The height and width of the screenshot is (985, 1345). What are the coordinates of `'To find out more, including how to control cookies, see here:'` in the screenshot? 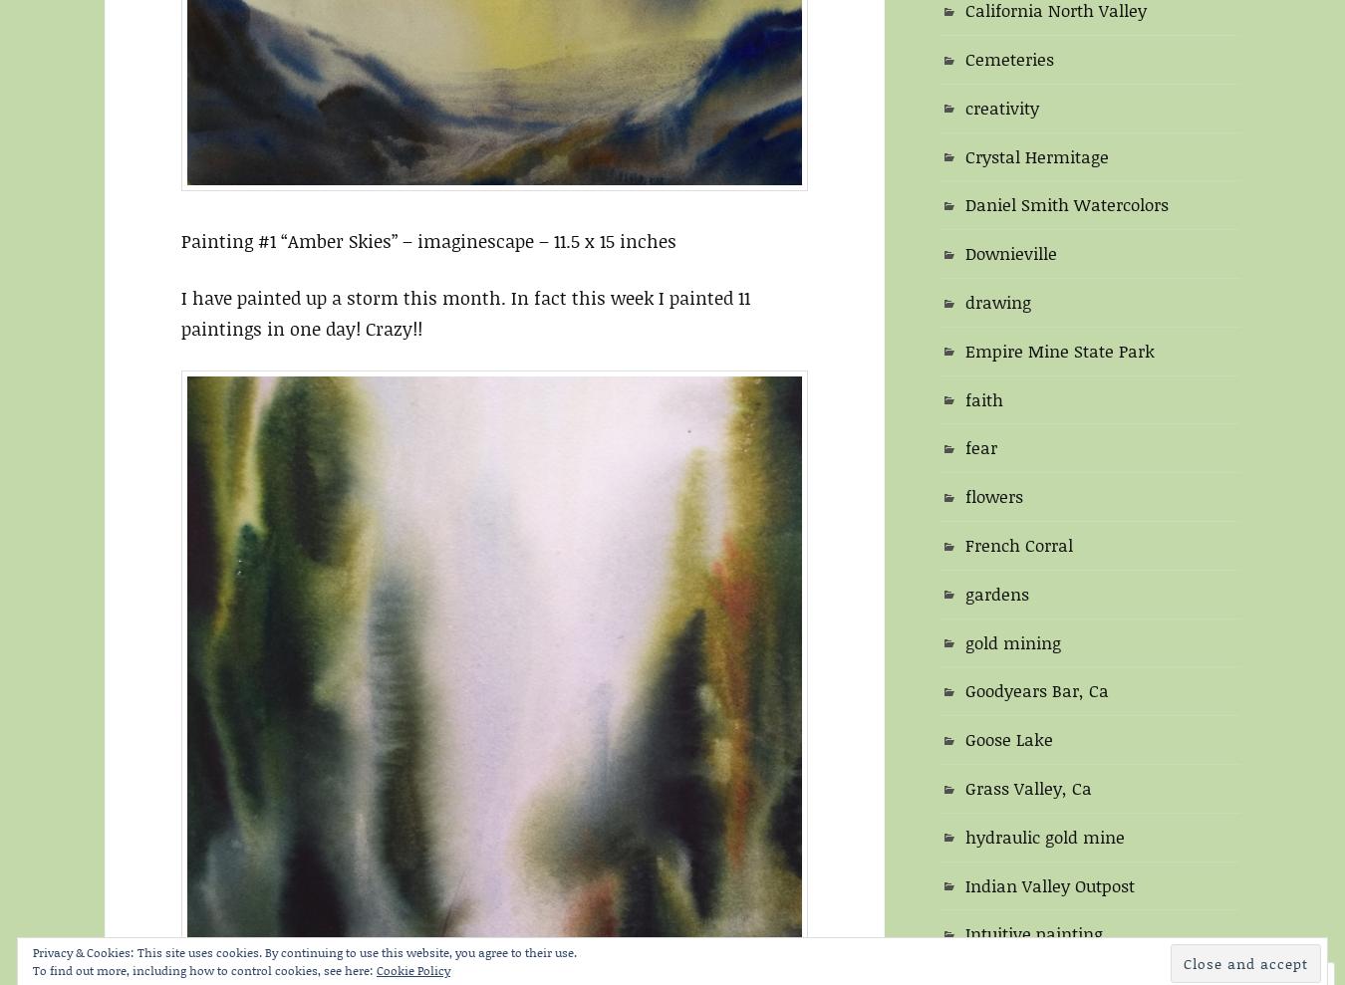 It's located at (204, 970).